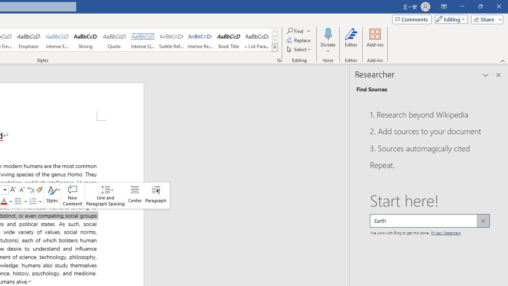  What do you see at coordinates (446, 232) in the screenshot?
I see `'Privacy Statement'` at bounding box center [446, 232].